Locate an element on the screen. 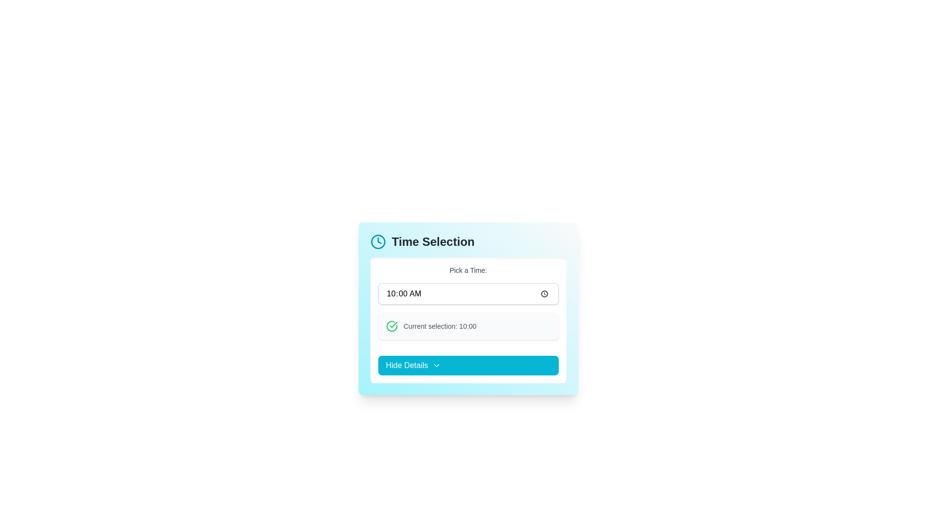 This screenshot has height=530, width=942. the graphical circle within the SVG clock icon, which serves as a contextual indicator for the 'Time Selection' section is located at coordinates (377, 242).